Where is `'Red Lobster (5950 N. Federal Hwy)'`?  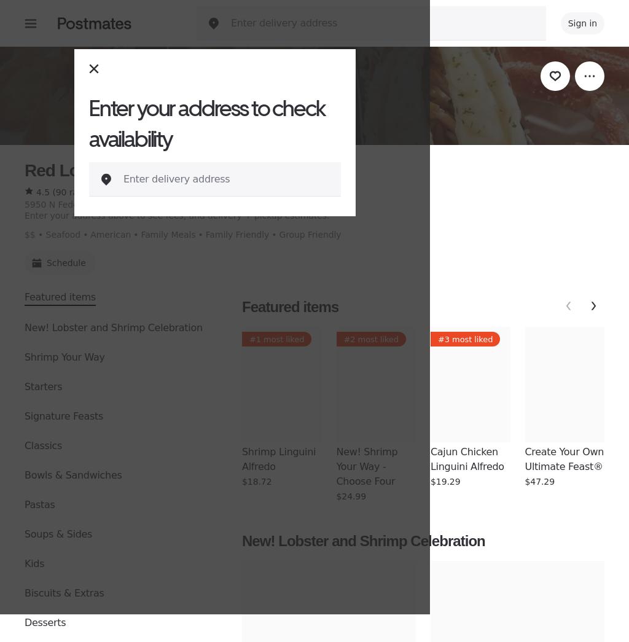
'Red Lobster (5950 N. Federal Hwy)' is located at coordinates (155, 170).